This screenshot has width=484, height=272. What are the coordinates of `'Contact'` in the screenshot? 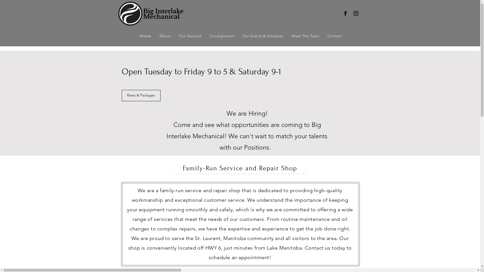 It's located at (323, 36).